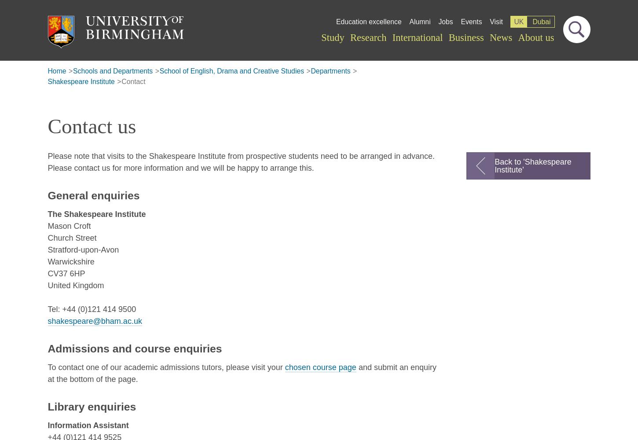 The width and height of the screenshot is (638, 440). What do you see at coordinates (541, 21) in the screenshot?
I see `'Dubai'` at bounding box center [541, 21].